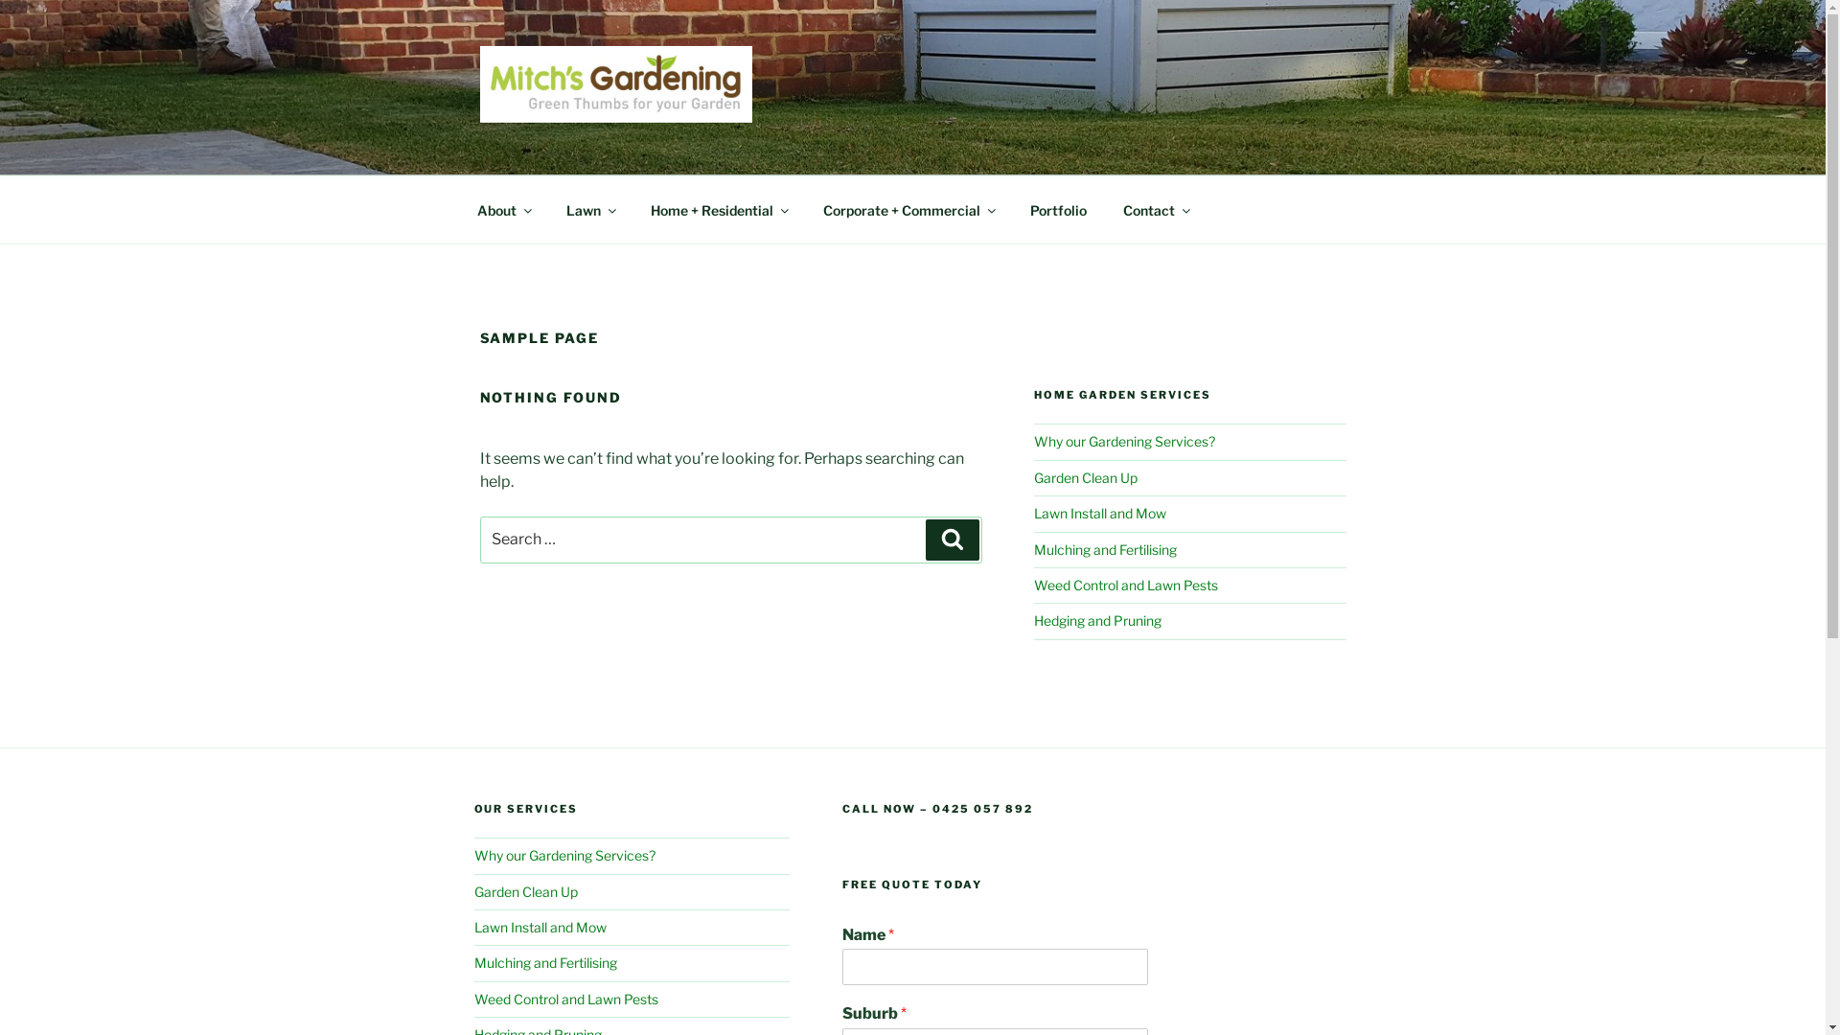  Describe the element at coordinates (952, 540) in the screenshot. I see `'Search'` at that location.